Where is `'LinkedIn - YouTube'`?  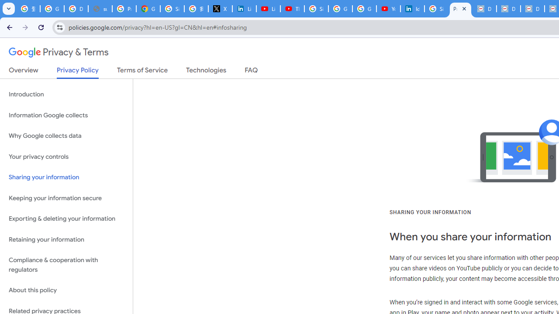
'LinkedIn - YouTube' is located at coordinates (268, 9).